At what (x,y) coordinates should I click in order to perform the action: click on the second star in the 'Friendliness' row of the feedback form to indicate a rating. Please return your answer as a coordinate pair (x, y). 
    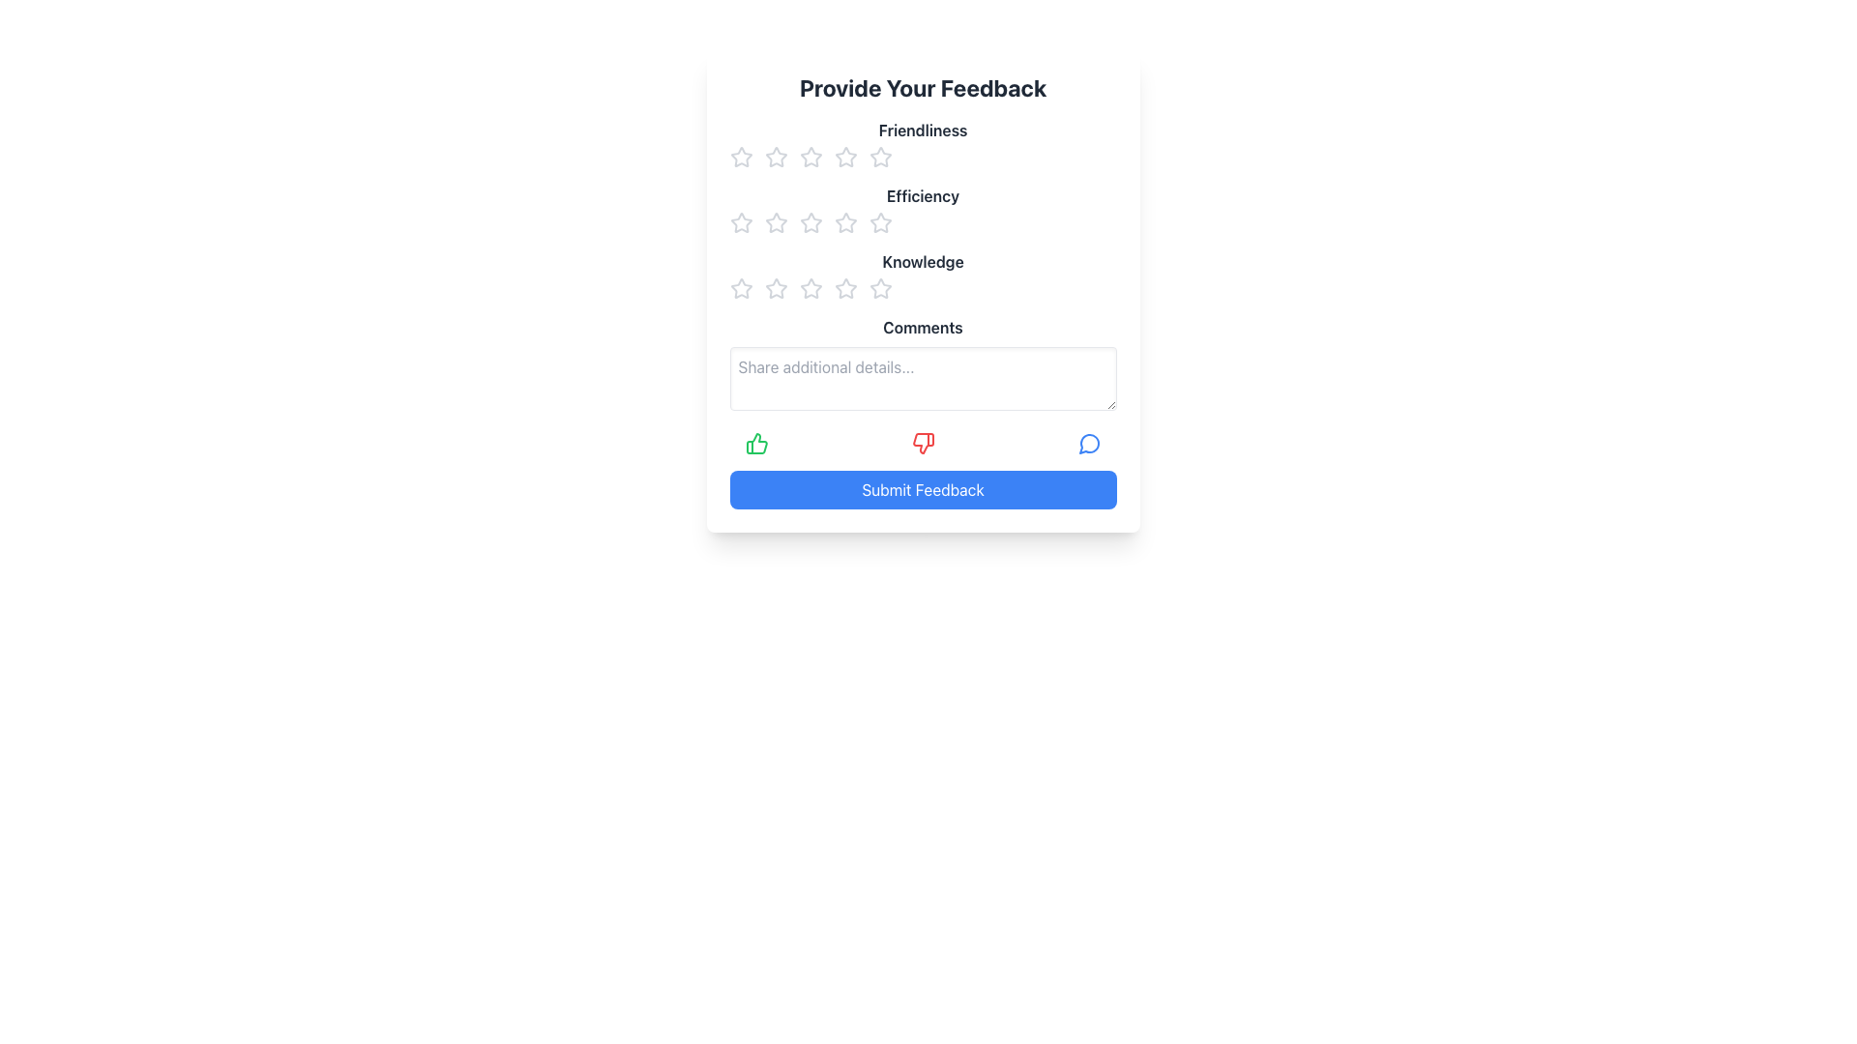
    Looking at the image, I should click on (776, 156).